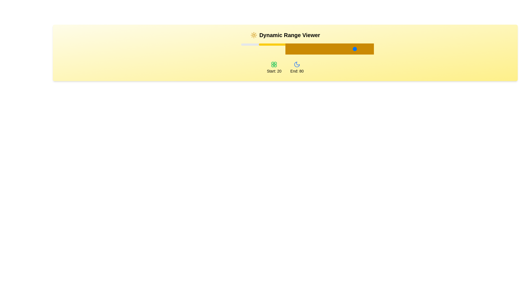 Image resolution: width=531 pixels, height=299 pixels. Describe the element at coordinates (253, 35) in the screenshot. I see `the decorative icon that symbolizes brightness, located in the top left corner of the header bar, preceding the text 'Dynamic Range Viewer'` at that location.